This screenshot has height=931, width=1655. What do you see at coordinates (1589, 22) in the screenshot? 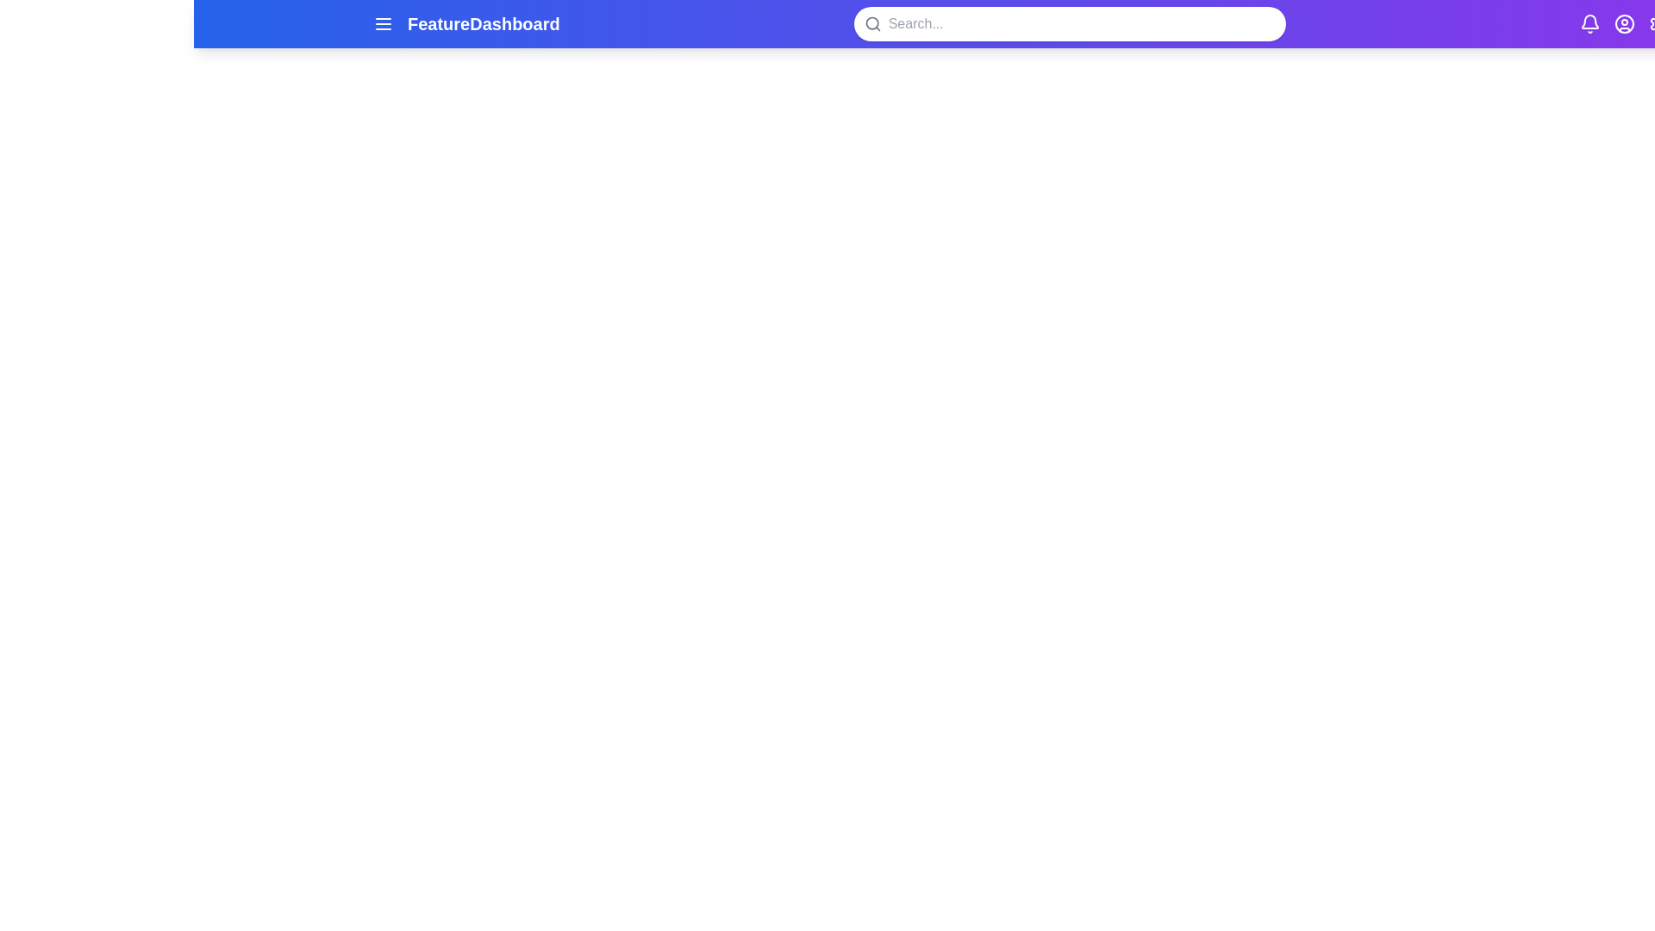
I see `the curved lines inside the bell icon located in the top-right corner of the interface, styled in white on a purple background` at bounding box center [1589, 22].